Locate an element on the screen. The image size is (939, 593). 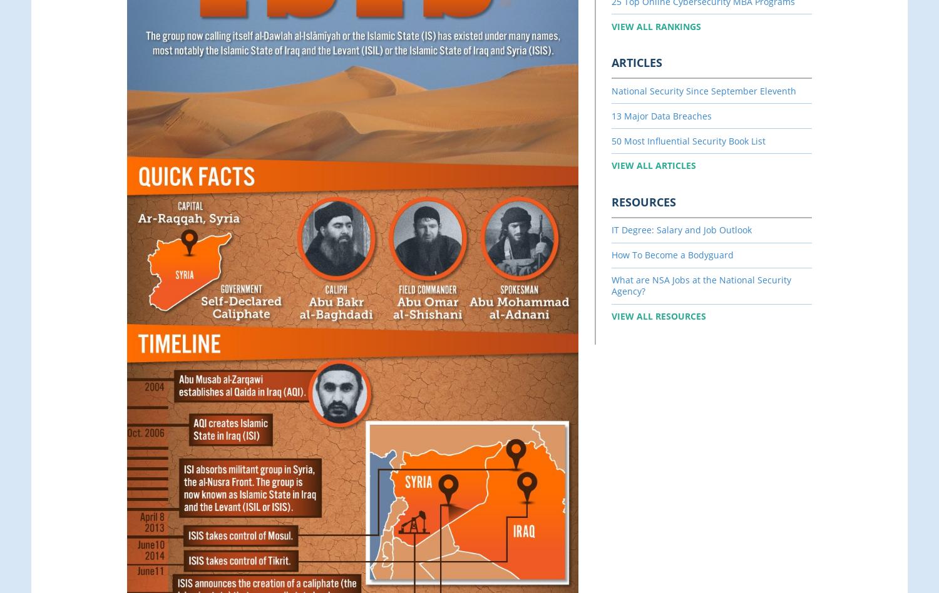
'National Security Since September Eleventh' is located at coordinates (703, 89).